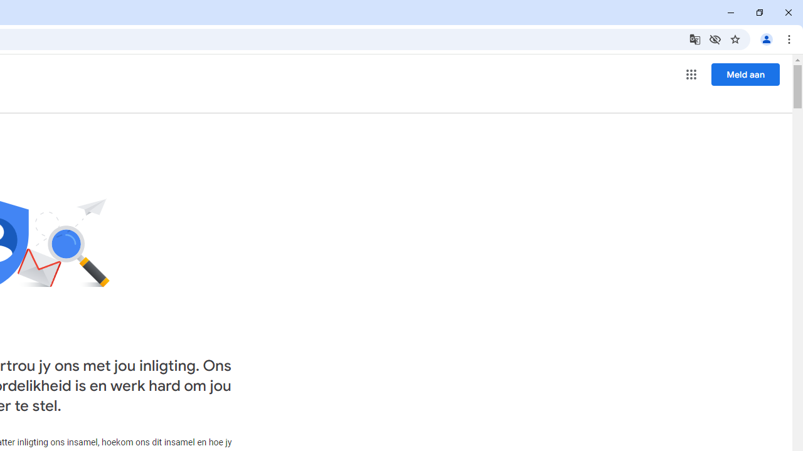 The height and width of the screenshot is (451, 803). I want to click on 'Minimize', so click(731, 13).